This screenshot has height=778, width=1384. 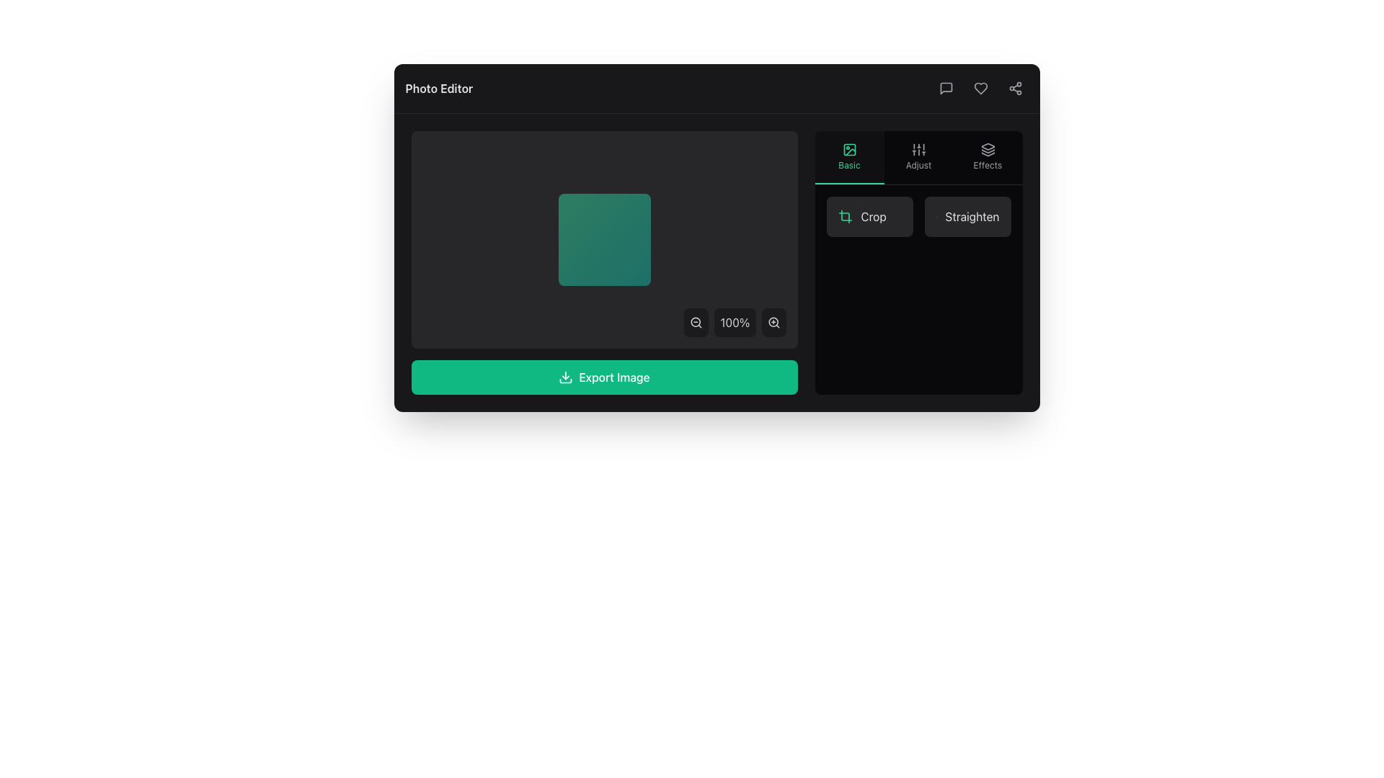 I want to click on the crop icon located in the rightmost panel of the interface, so click(x=845, y=216).